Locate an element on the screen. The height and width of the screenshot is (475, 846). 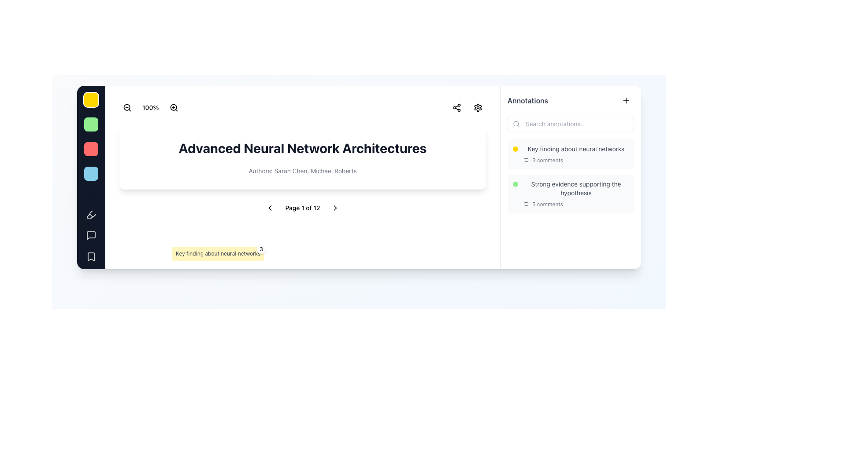
the right-pointing chevron icon button located to the right of 'Page 1 of 12' is located at coordinates (334, 208).